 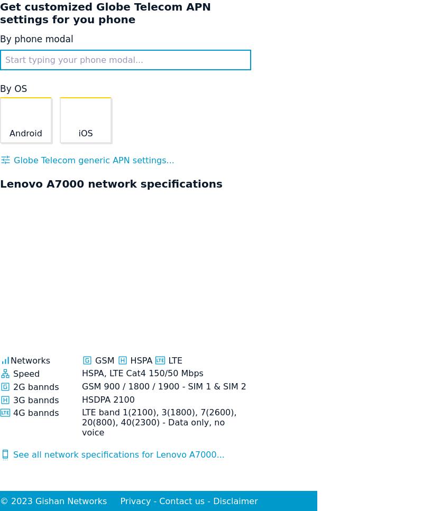 I want to click on 'settings_cell', so click(x=5, y=453).